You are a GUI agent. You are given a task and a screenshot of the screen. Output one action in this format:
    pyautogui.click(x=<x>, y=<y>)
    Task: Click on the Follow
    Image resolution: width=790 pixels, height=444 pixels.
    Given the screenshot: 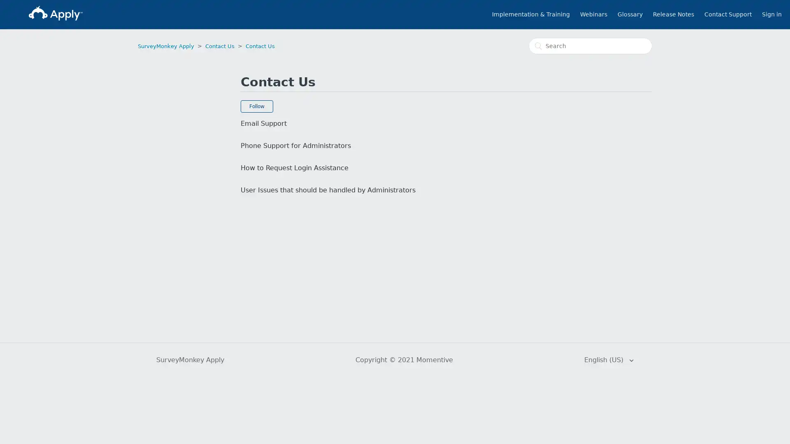 What is the action you would take?
    pyautogui.click(x=256, y=106)
    